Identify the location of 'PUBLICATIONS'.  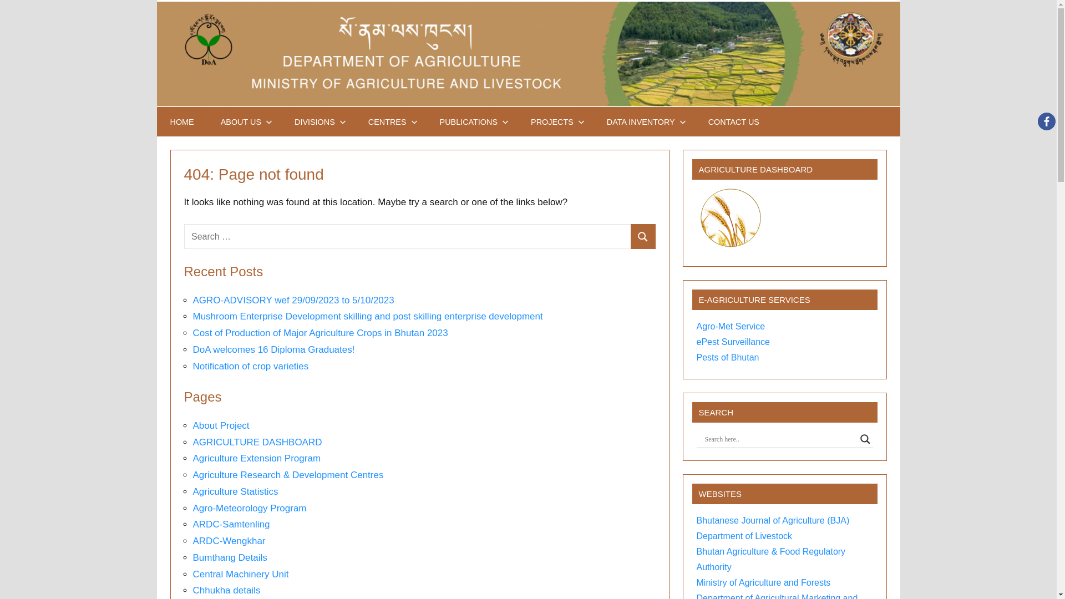
(472, 121).